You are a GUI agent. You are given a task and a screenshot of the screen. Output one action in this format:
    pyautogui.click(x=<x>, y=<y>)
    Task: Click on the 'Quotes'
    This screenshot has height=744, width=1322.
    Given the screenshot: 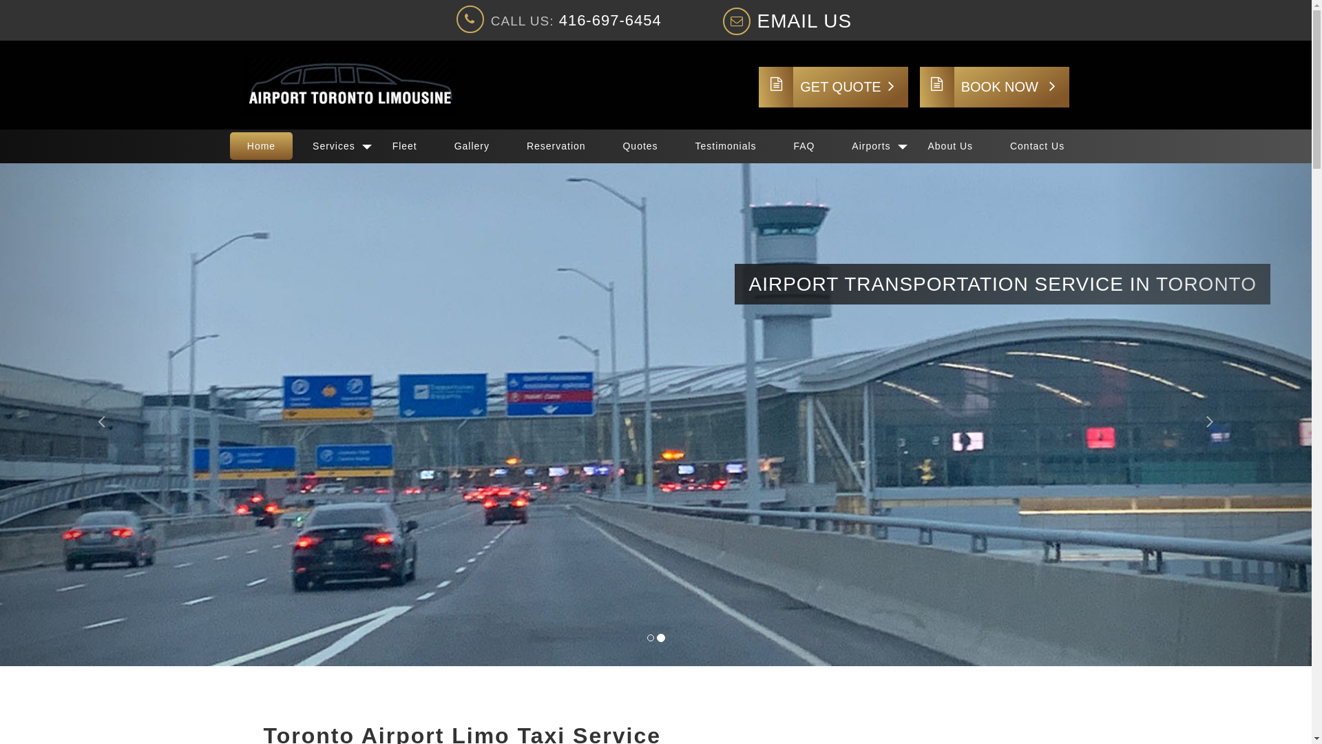 What is the action you would take?
    pyautogui.click(x=639, y=146)
    